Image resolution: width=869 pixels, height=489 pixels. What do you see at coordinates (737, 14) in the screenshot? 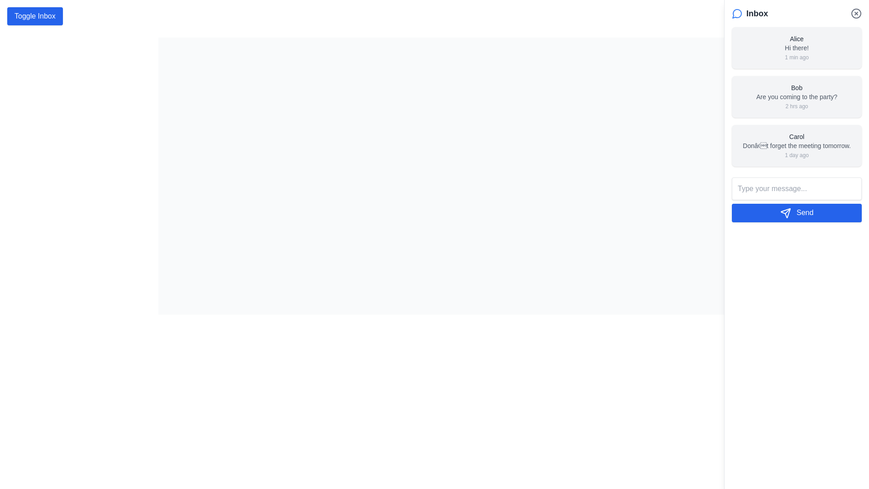
I see `the blue speech bubble icon located to the left of the 'Inbox' label in the top-right section of the sidebar header` at bounding box center [737, 14].